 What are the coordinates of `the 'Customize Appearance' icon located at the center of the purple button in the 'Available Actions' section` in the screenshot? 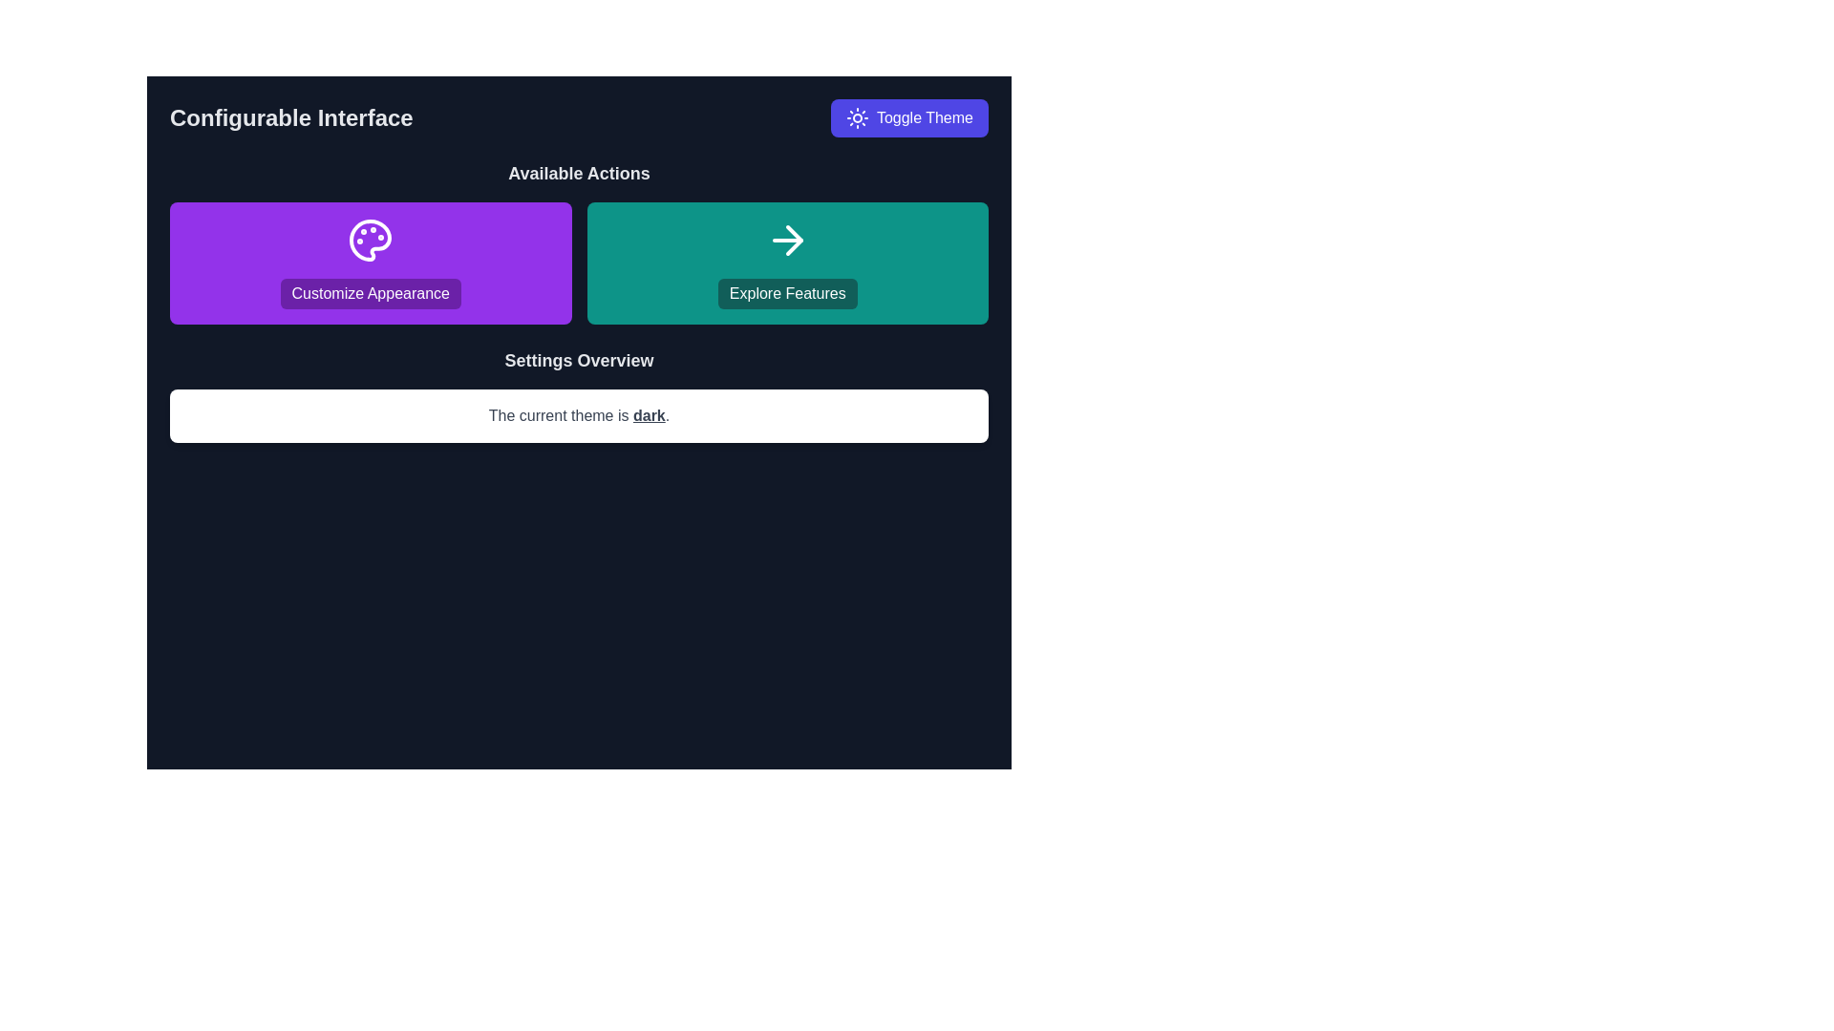 It's located at (371, 239).